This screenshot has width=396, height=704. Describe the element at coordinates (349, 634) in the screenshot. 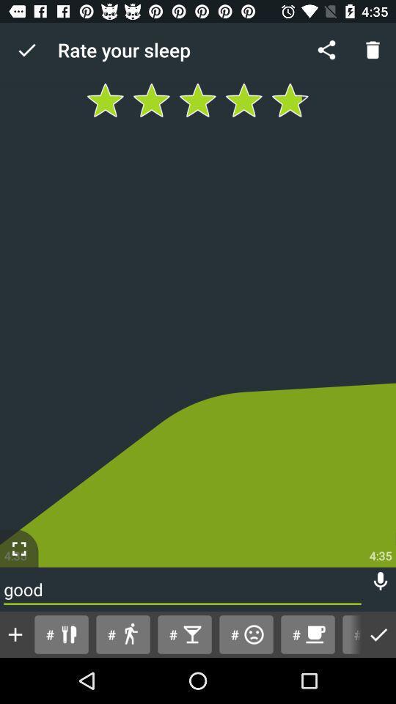

I see `the icon below good` at that location.